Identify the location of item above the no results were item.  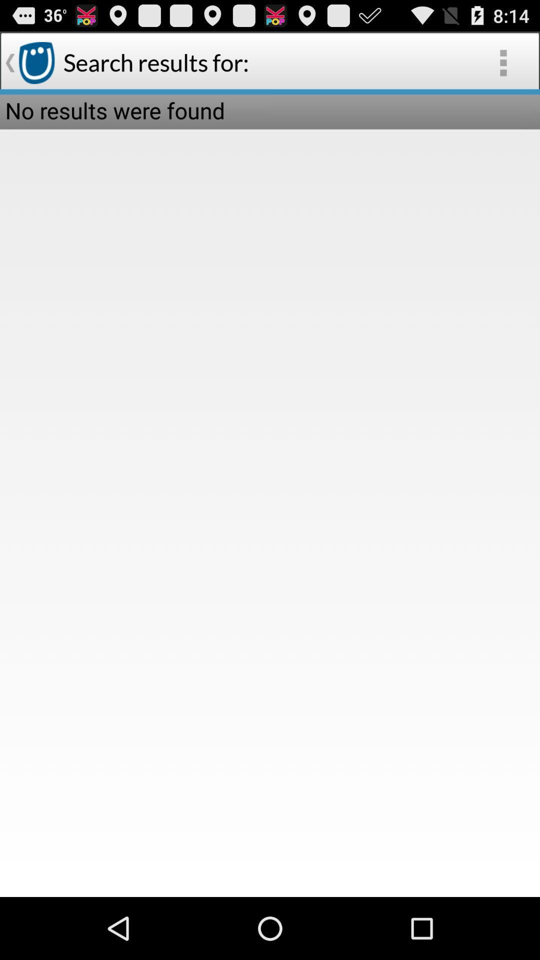
(503, 62).